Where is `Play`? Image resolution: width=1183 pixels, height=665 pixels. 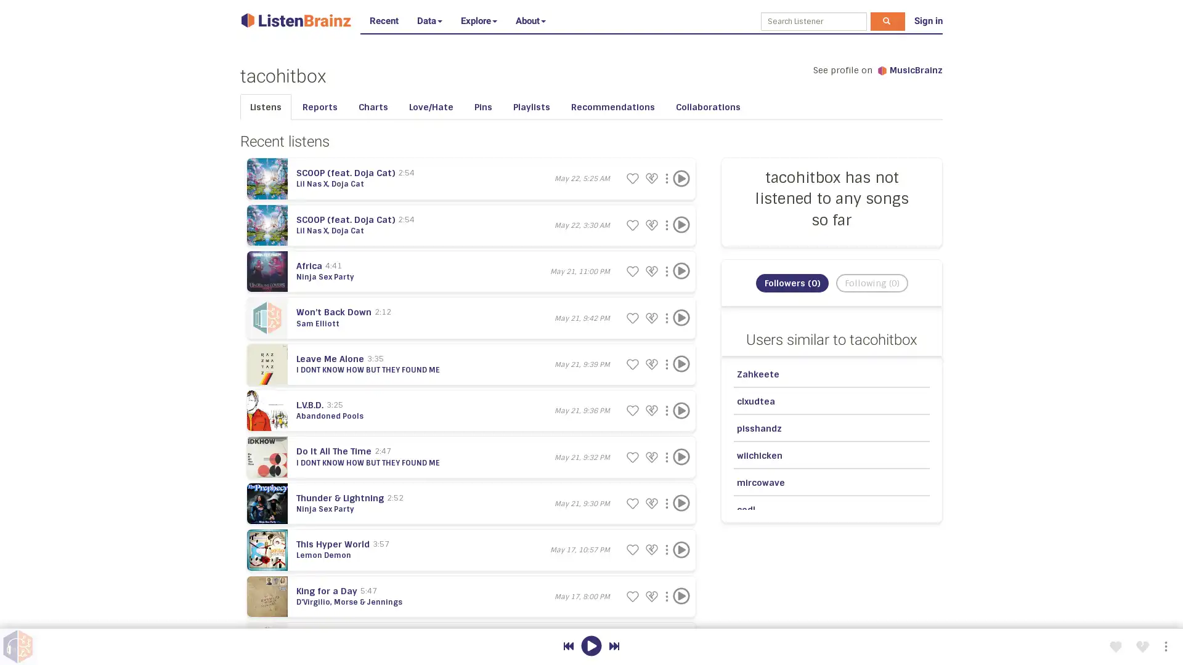
Play is located at coordinates (680, 642).